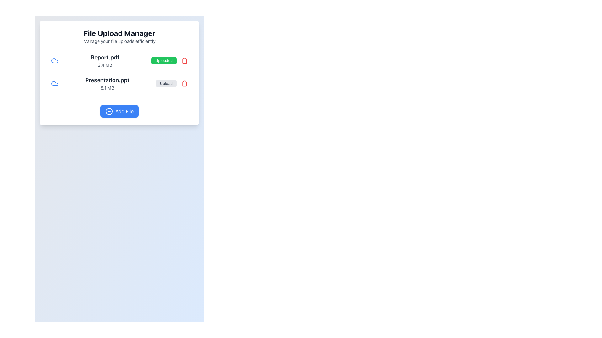 This screenshot has height=338, width=602. What do you see at coordinates (109, 111) in the screenshot?
I see `the icon that visually represents the action of adding new files, located to the left of the 'Add File' text in the blue button at the bottom center of the interface` at bounding box center [109, 111].